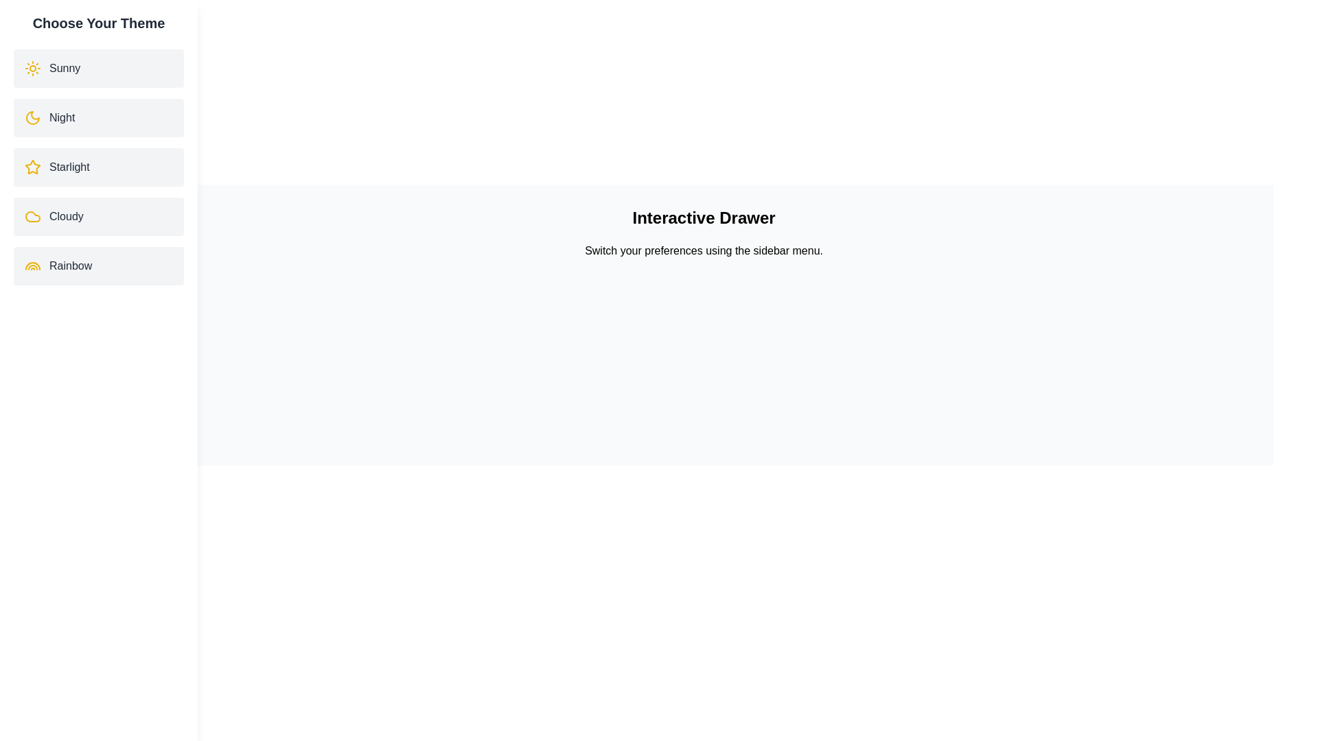 The width and height of the screenshot is (1318, 741). I want to click on the theme Starlight by clicking on its corresponding list item, so click(98, 166).